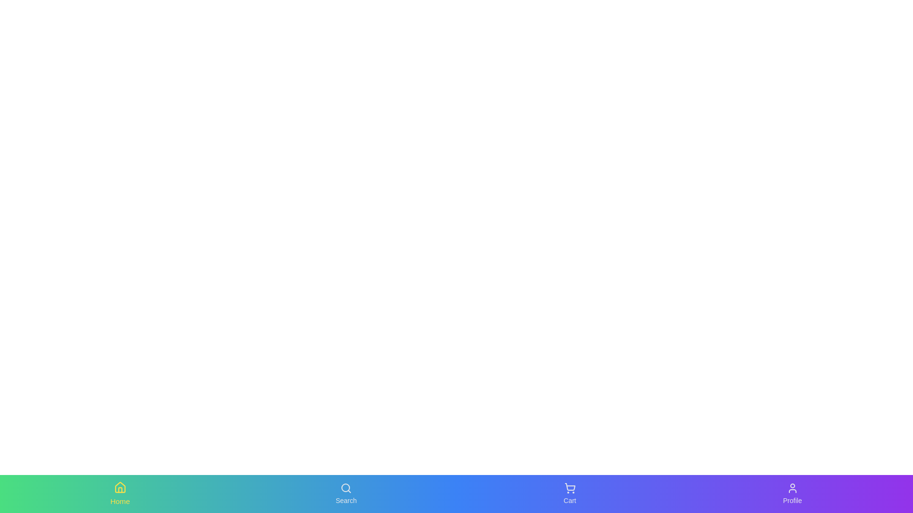  Describe the element at coordinates (792, 488) in the screenshot. I see `the SVG icon depicting a user located in the bottom right corner of the interface above the 'Profile' text` at that location.